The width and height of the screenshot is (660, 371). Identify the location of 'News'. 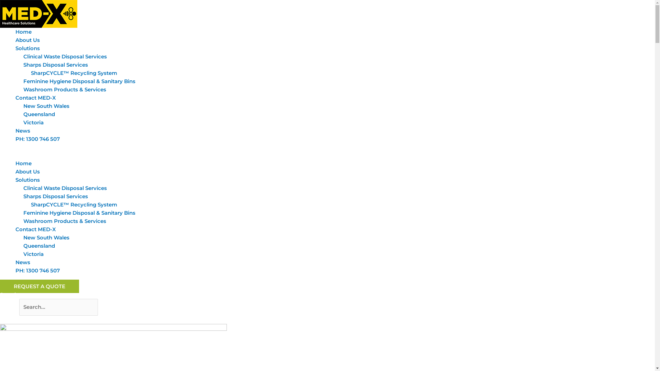
(23, 131).